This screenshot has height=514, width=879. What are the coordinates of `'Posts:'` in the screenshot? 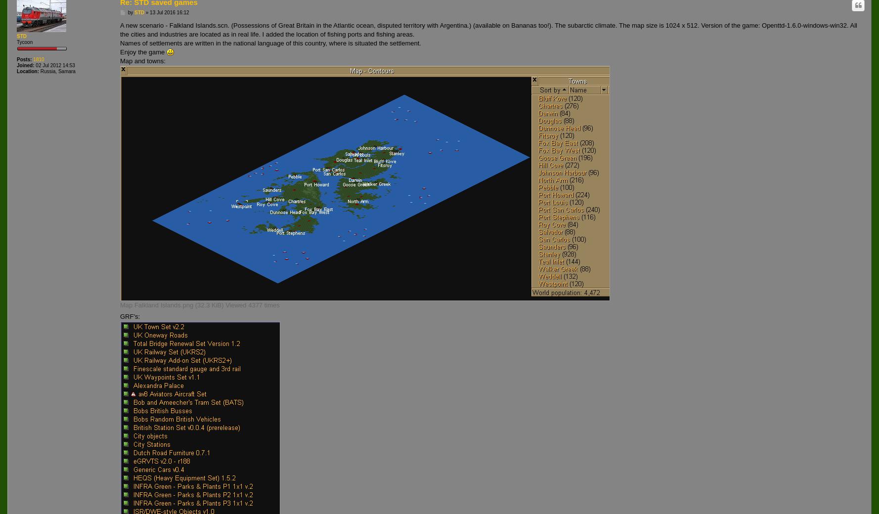 It's located at (24, 59).